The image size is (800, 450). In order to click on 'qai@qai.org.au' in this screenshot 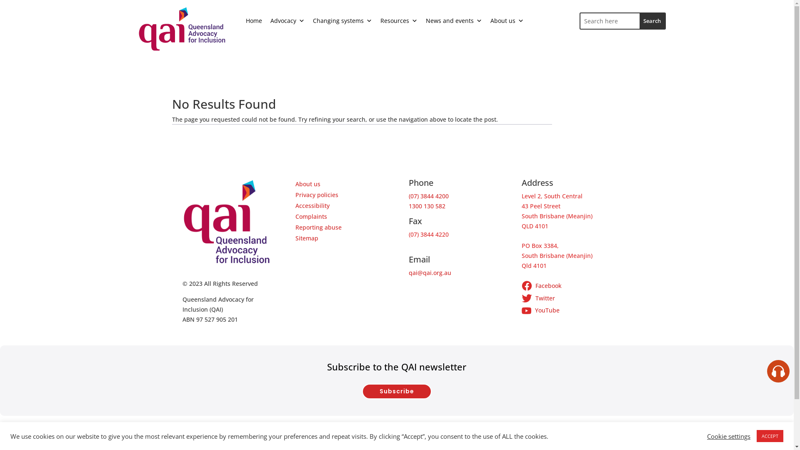, I will do `click(430, 272)`.